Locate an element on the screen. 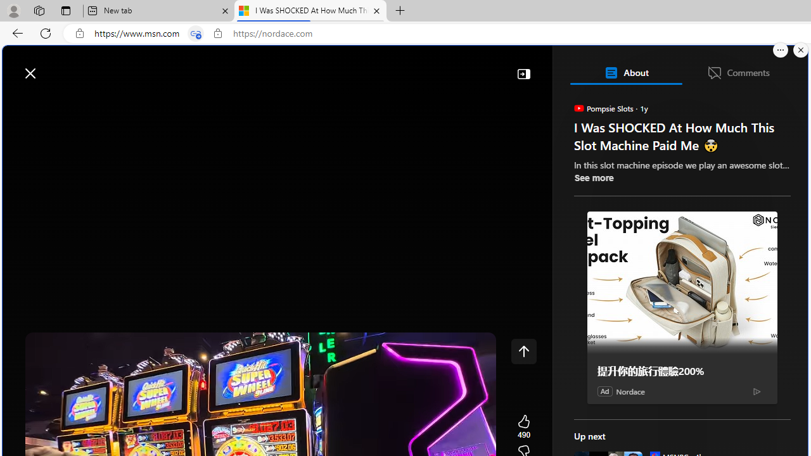 The width and height of the screenshot is (811, 456). 'About' is located at coordinates (625, 72).